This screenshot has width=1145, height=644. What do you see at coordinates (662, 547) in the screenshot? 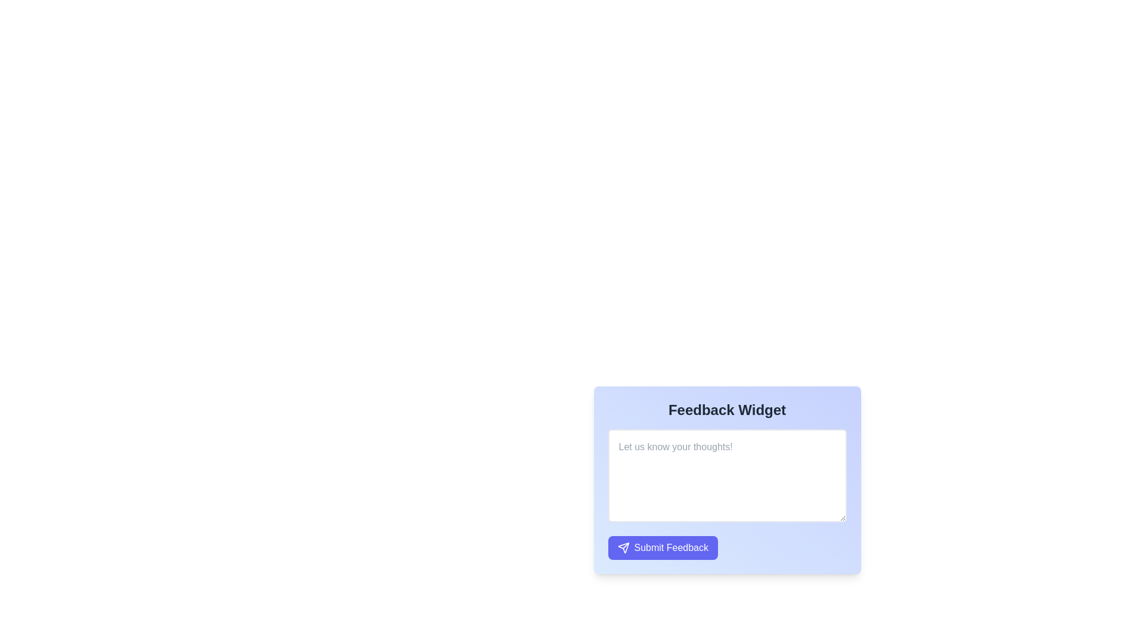
I see `the 'Submit Feedback' button, which is a rounded rectangular button with a blue background and white text, located below the text input area in the feedback form` at bounding box center [662, 547].